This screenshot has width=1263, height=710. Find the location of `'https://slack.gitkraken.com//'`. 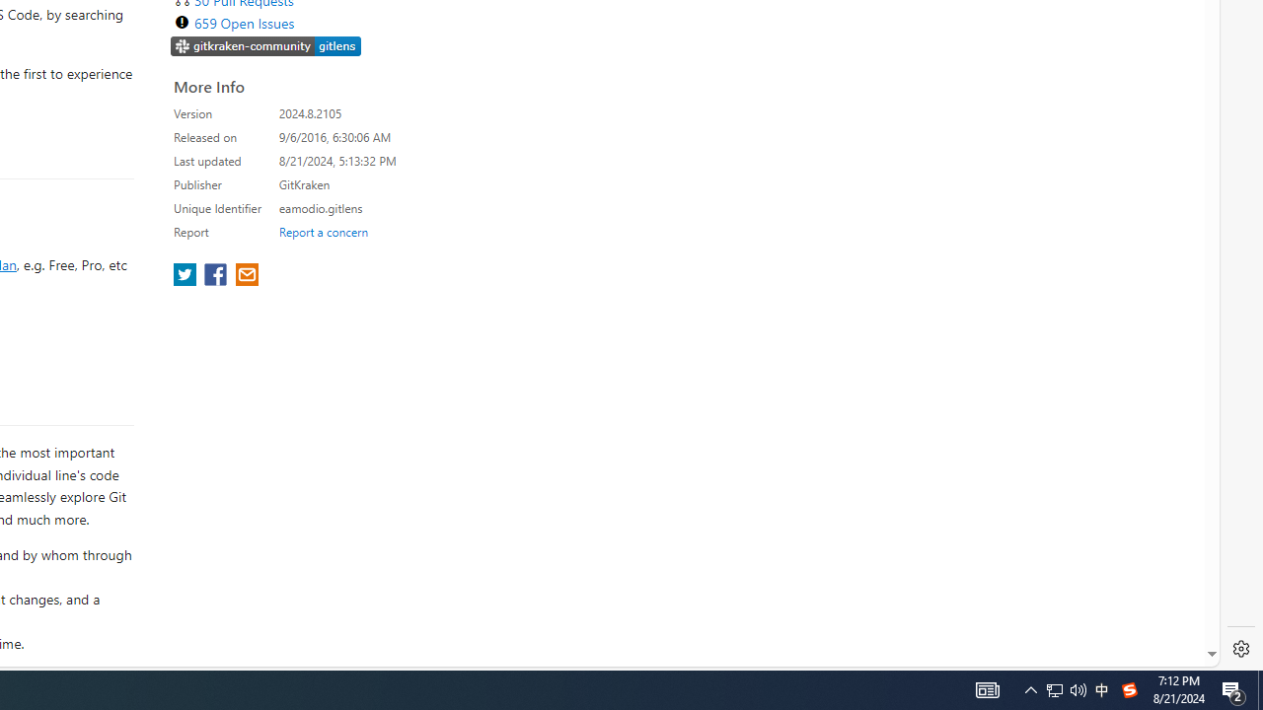

'https://slack.gitkraken.com//' is located at coordinates (265, 46).